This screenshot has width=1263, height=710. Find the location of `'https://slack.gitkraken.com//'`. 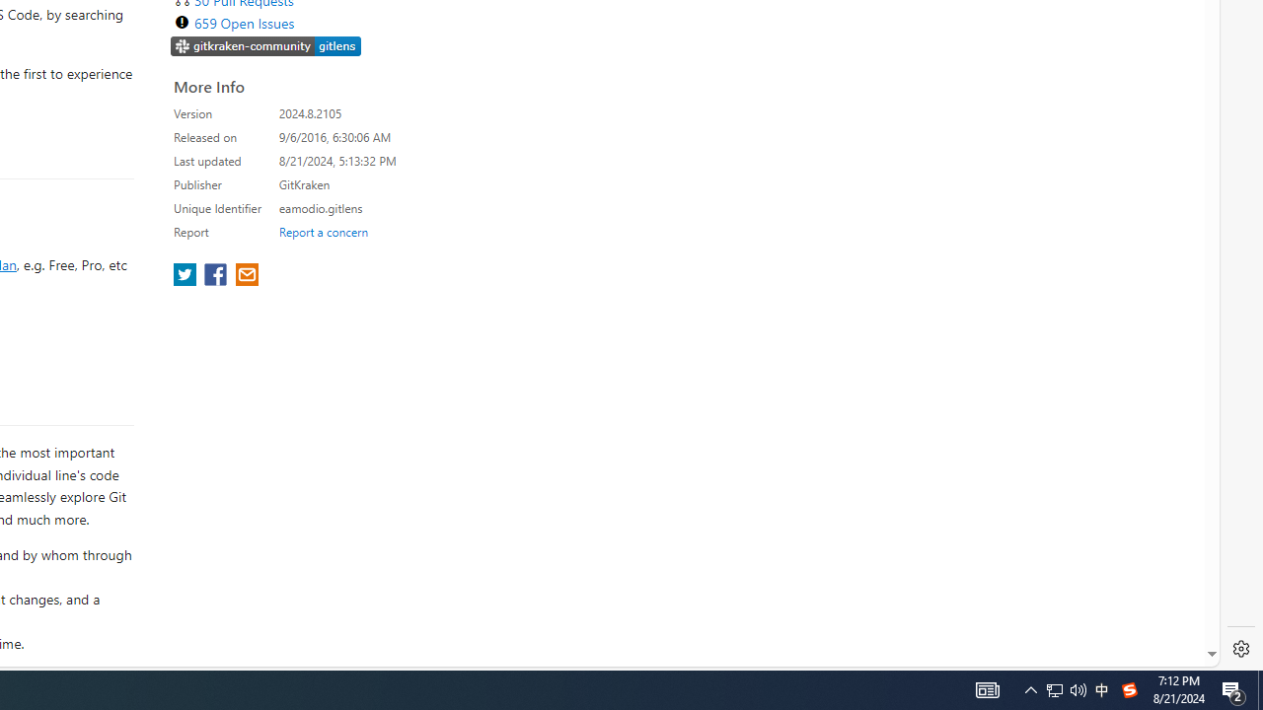

'https://slack.gitkraken.com//' is located at coordinates (265, 46).